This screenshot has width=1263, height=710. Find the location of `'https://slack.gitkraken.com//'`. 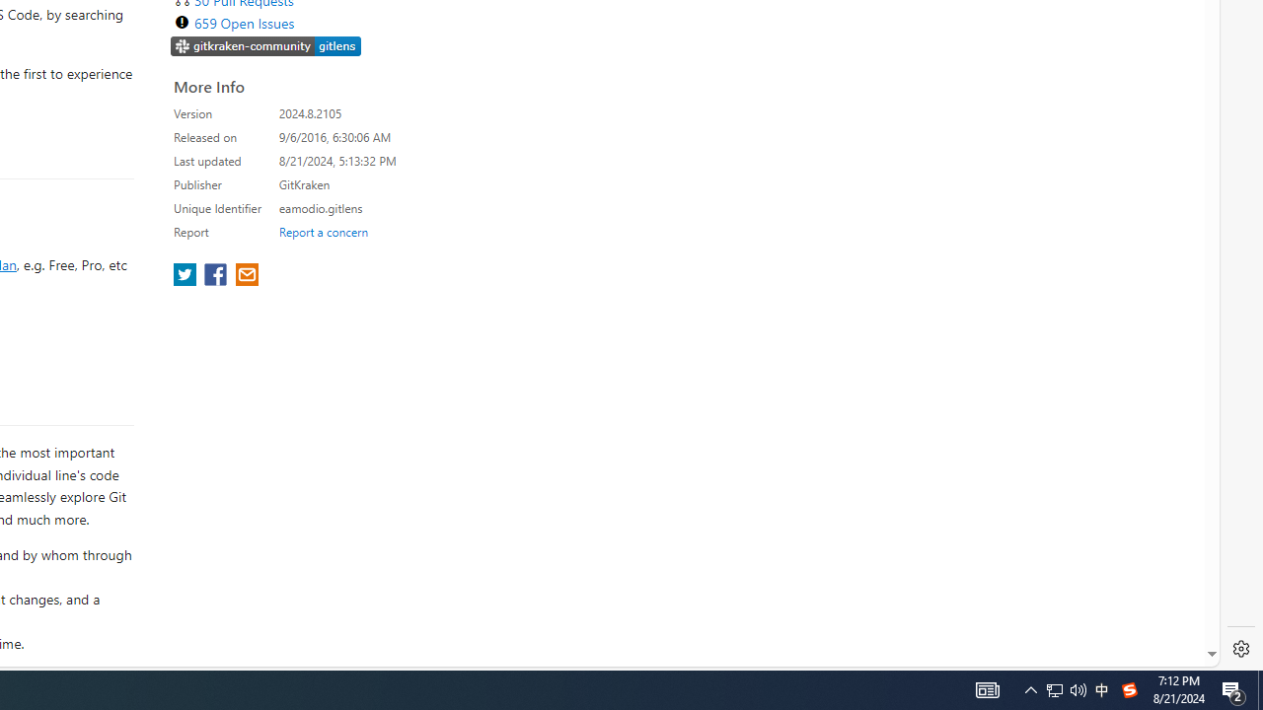

'https://slack.gitkraken.com//' is located at coordinates (265, 46).